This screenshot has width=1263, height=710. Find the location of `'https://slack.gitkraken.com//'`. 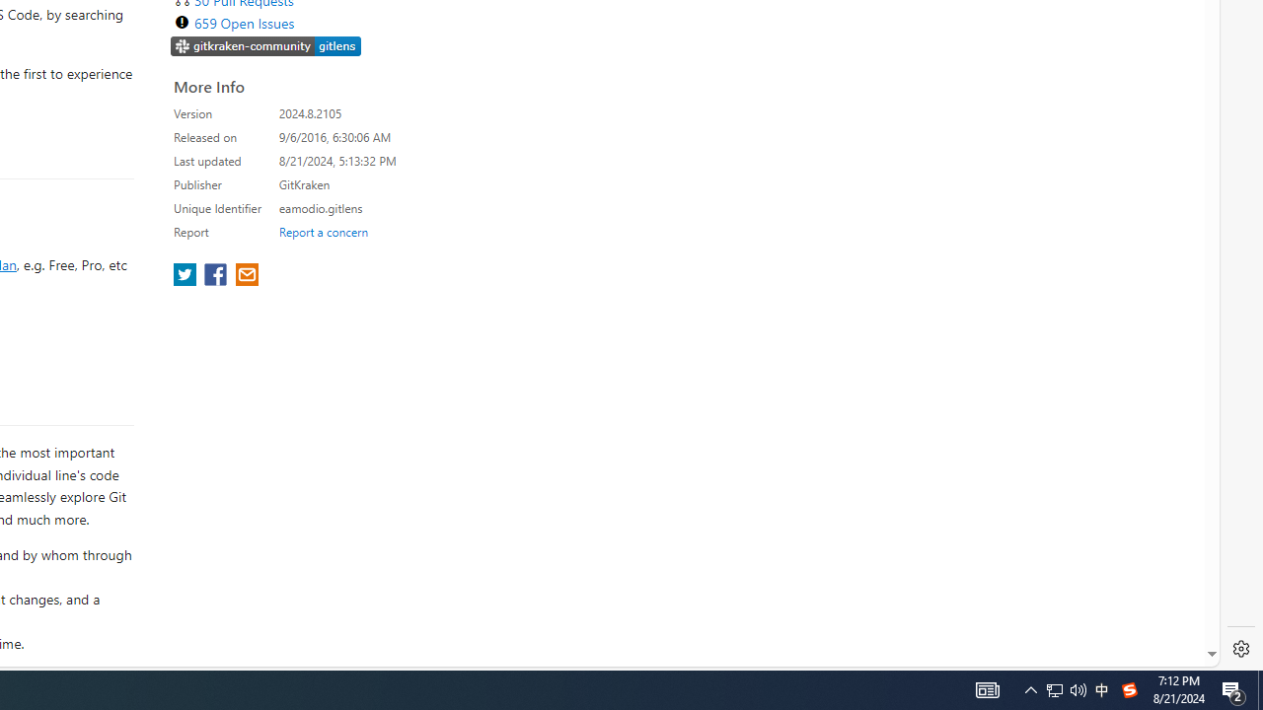

'https://slack.gitkraken.com//' is located at coordinates (265, 46).